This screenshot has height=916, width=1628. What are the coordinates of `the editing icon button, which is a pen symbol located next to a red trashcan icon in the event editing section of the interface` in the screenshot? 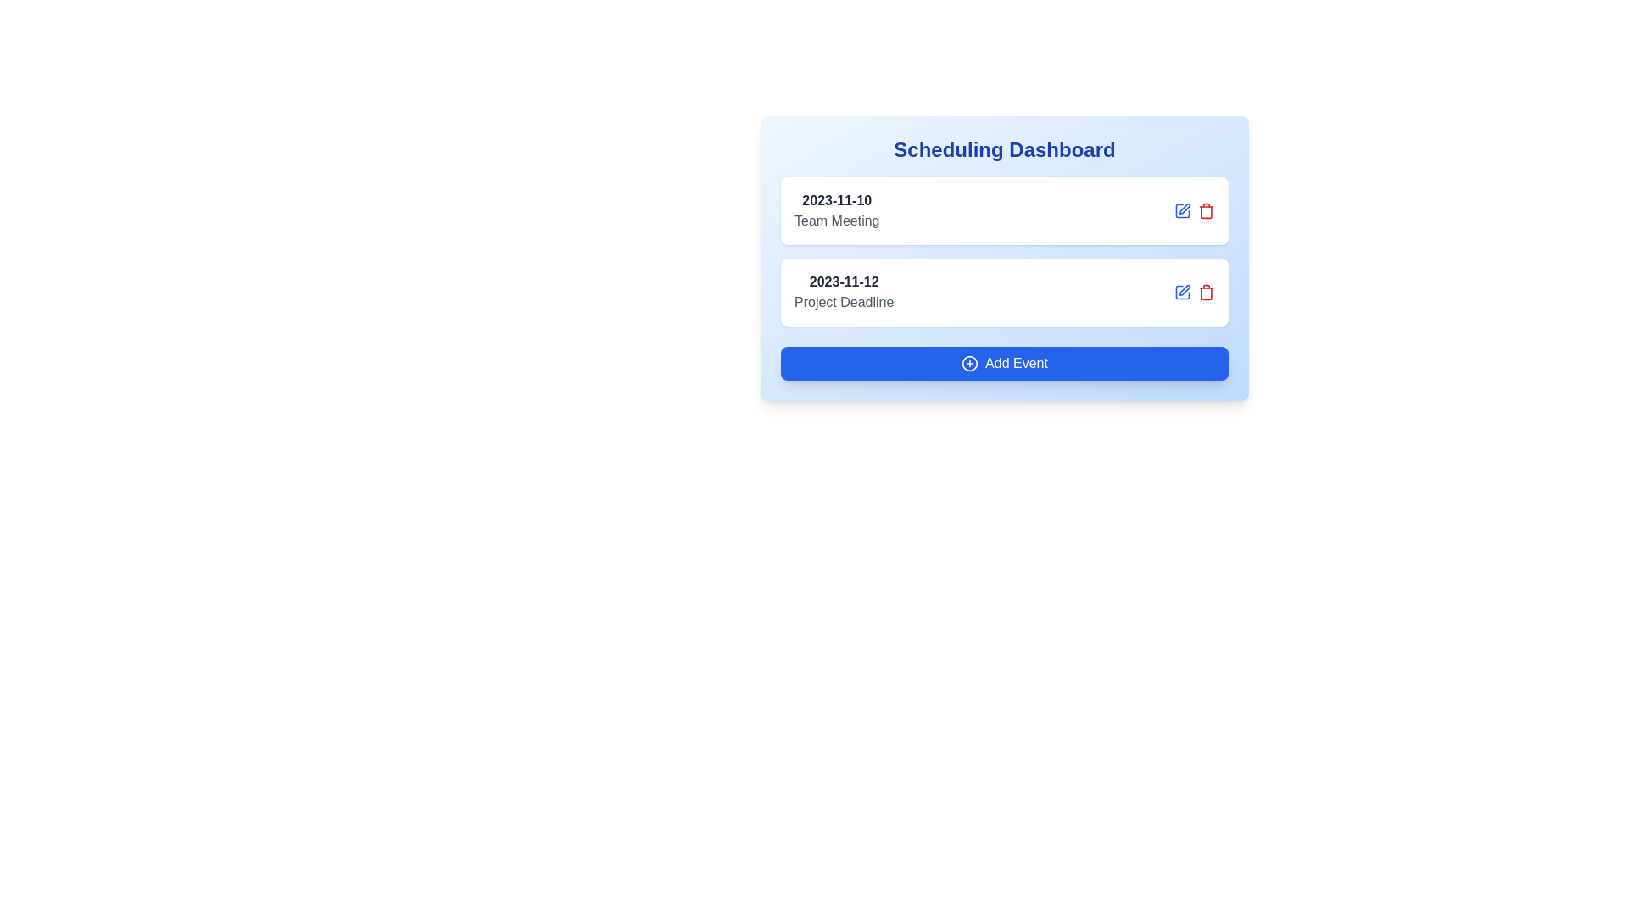 It's located at (1184, 208).